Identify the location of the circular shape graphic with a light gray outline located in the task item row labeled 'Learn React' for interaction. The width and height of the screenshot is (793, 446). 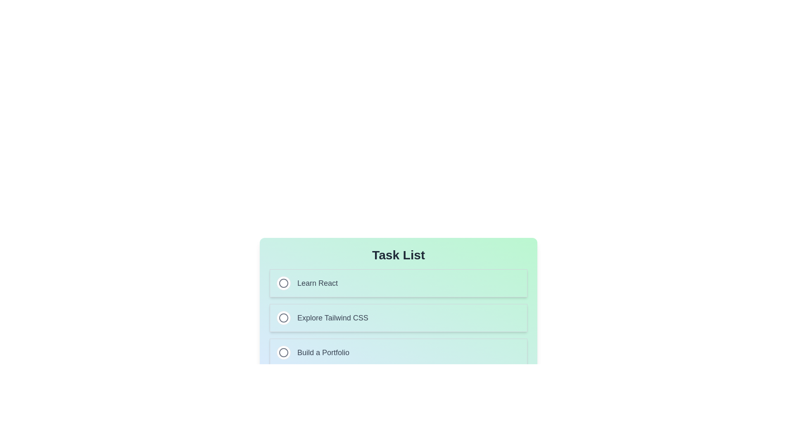
(283, 283).